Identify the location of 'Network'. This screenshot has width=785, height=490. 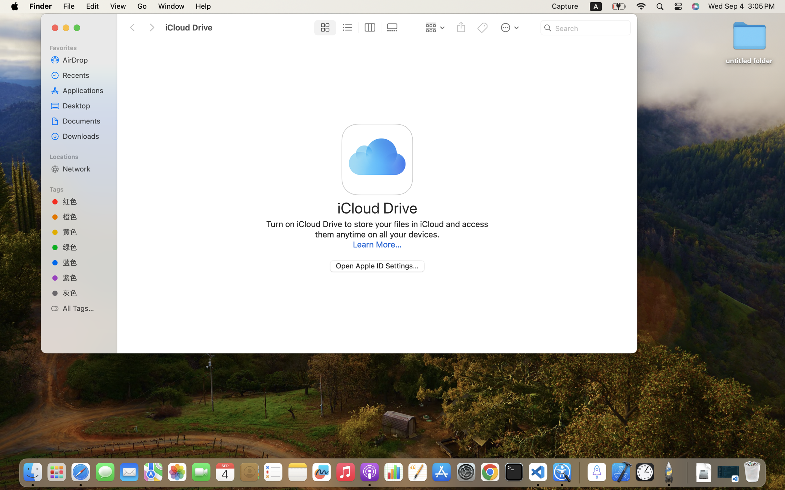
(84, 168).